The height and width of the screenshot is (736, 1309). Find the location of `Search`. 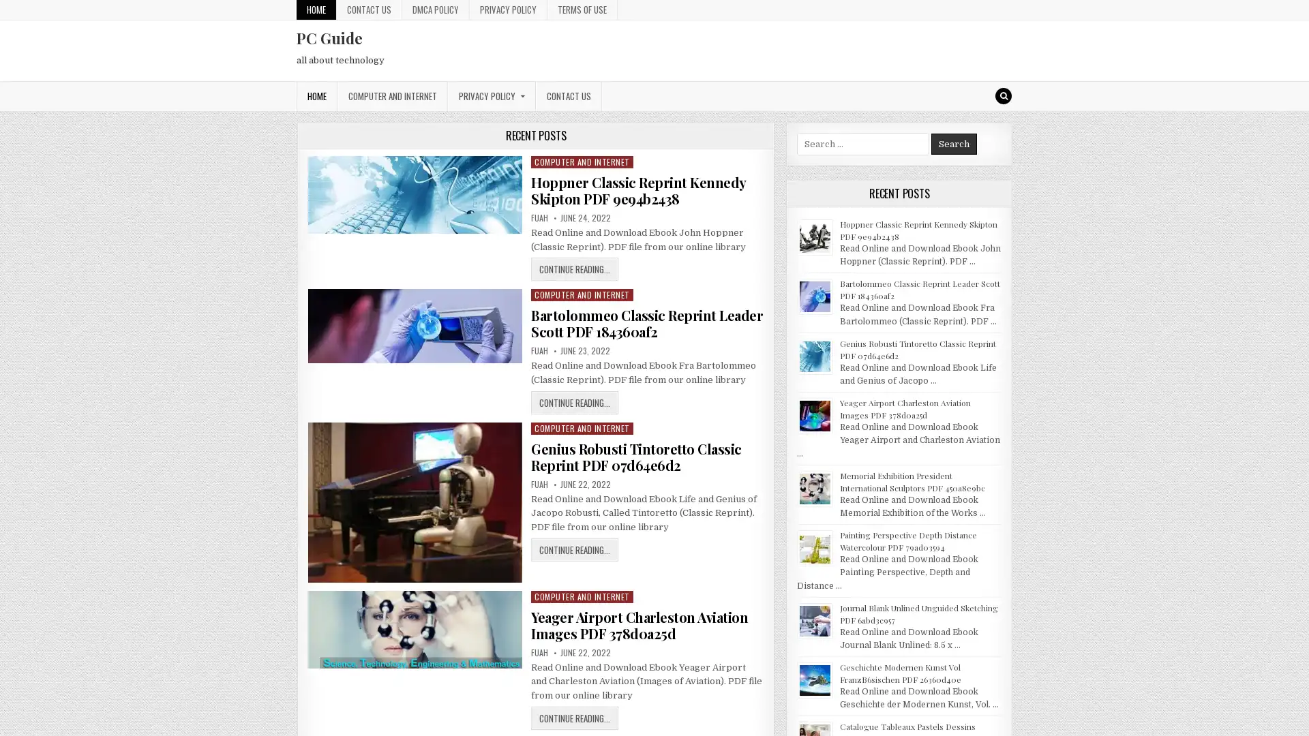

Search is located at coordinates (953, 144).